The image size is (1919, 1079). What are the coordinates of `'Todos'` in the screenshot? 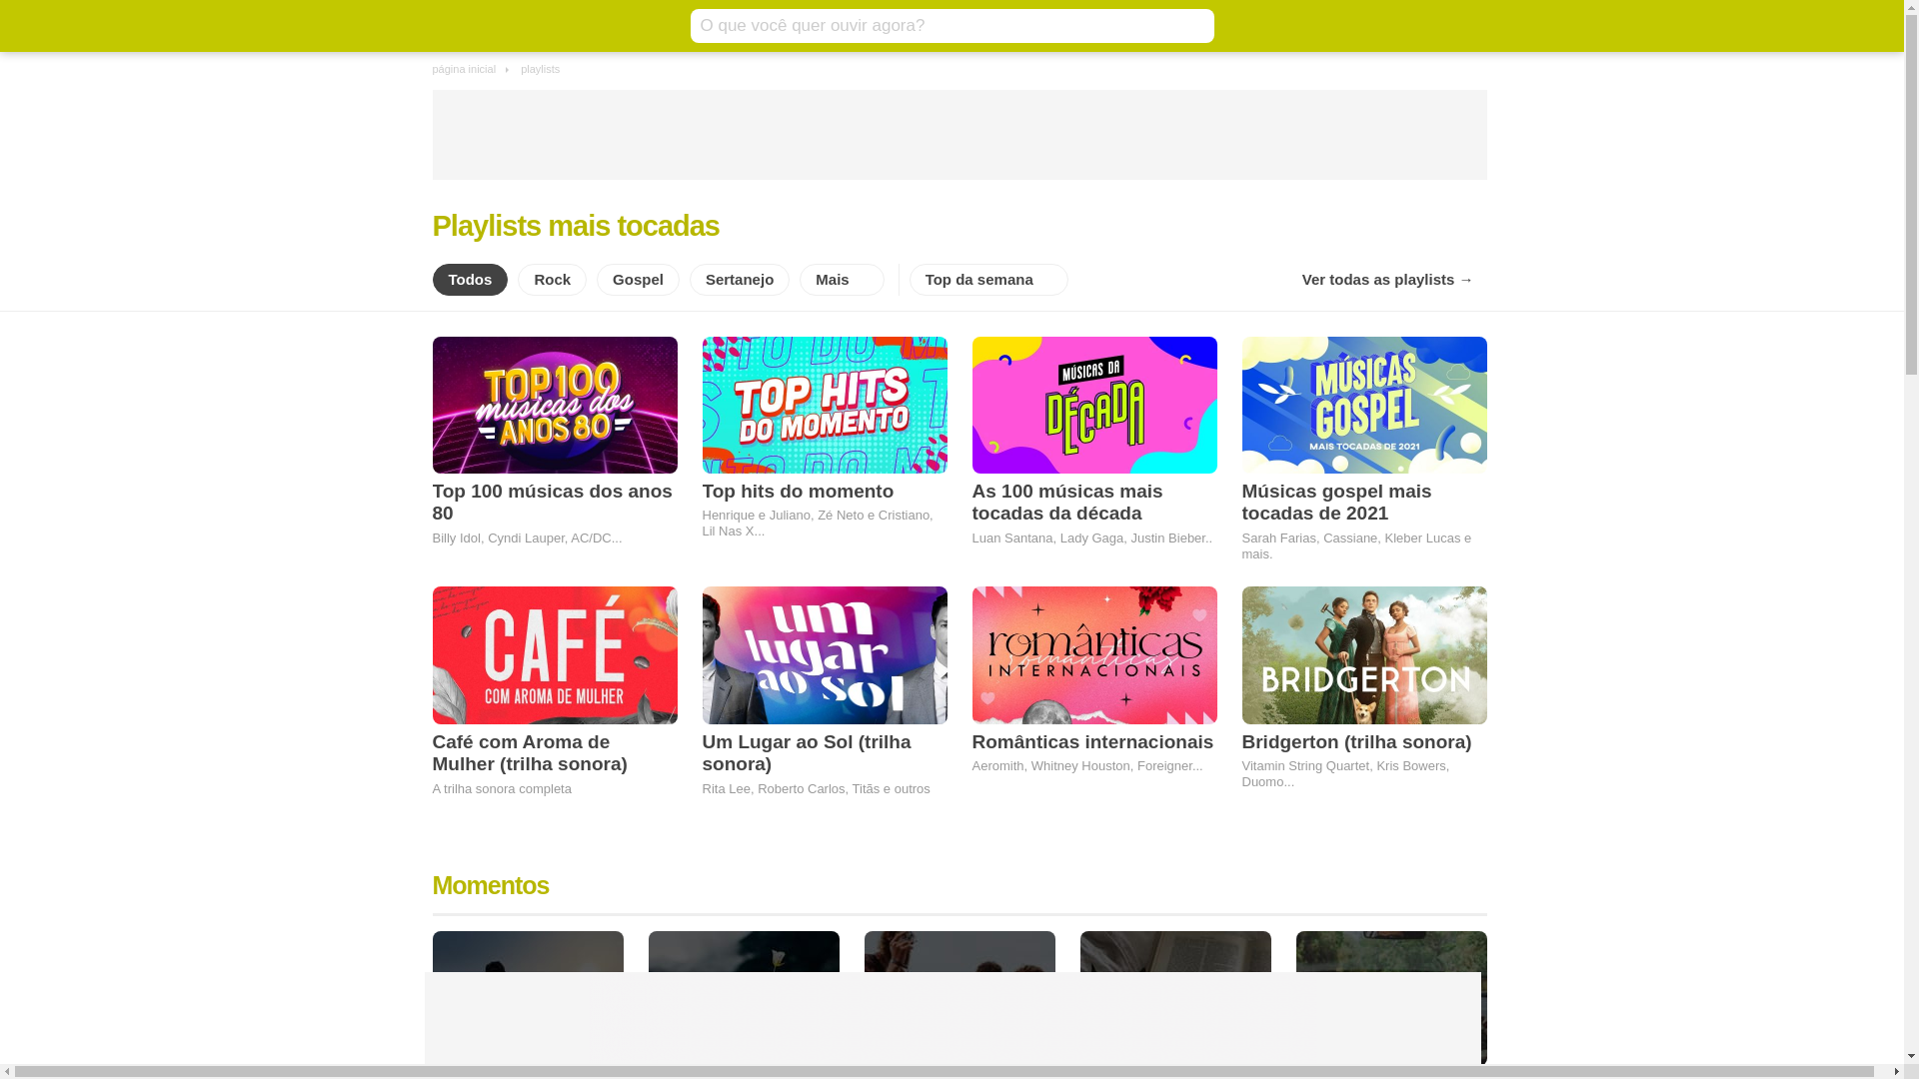 It's located at (469, 280).